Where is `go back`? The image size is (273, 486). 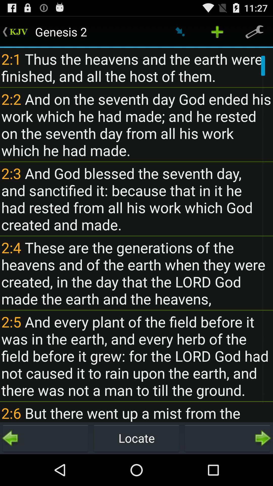 go back is located at coordinates (45, 438).